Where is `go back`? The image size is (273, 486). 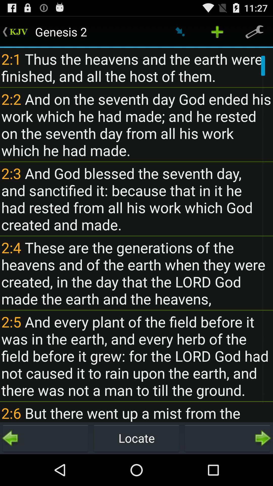 go back is located at coordinates (45, 438).